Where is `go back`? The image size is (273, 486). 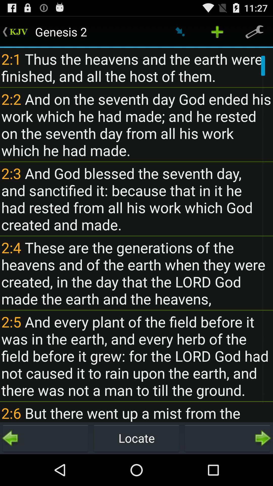 go back is located at coordinates (45, 438).